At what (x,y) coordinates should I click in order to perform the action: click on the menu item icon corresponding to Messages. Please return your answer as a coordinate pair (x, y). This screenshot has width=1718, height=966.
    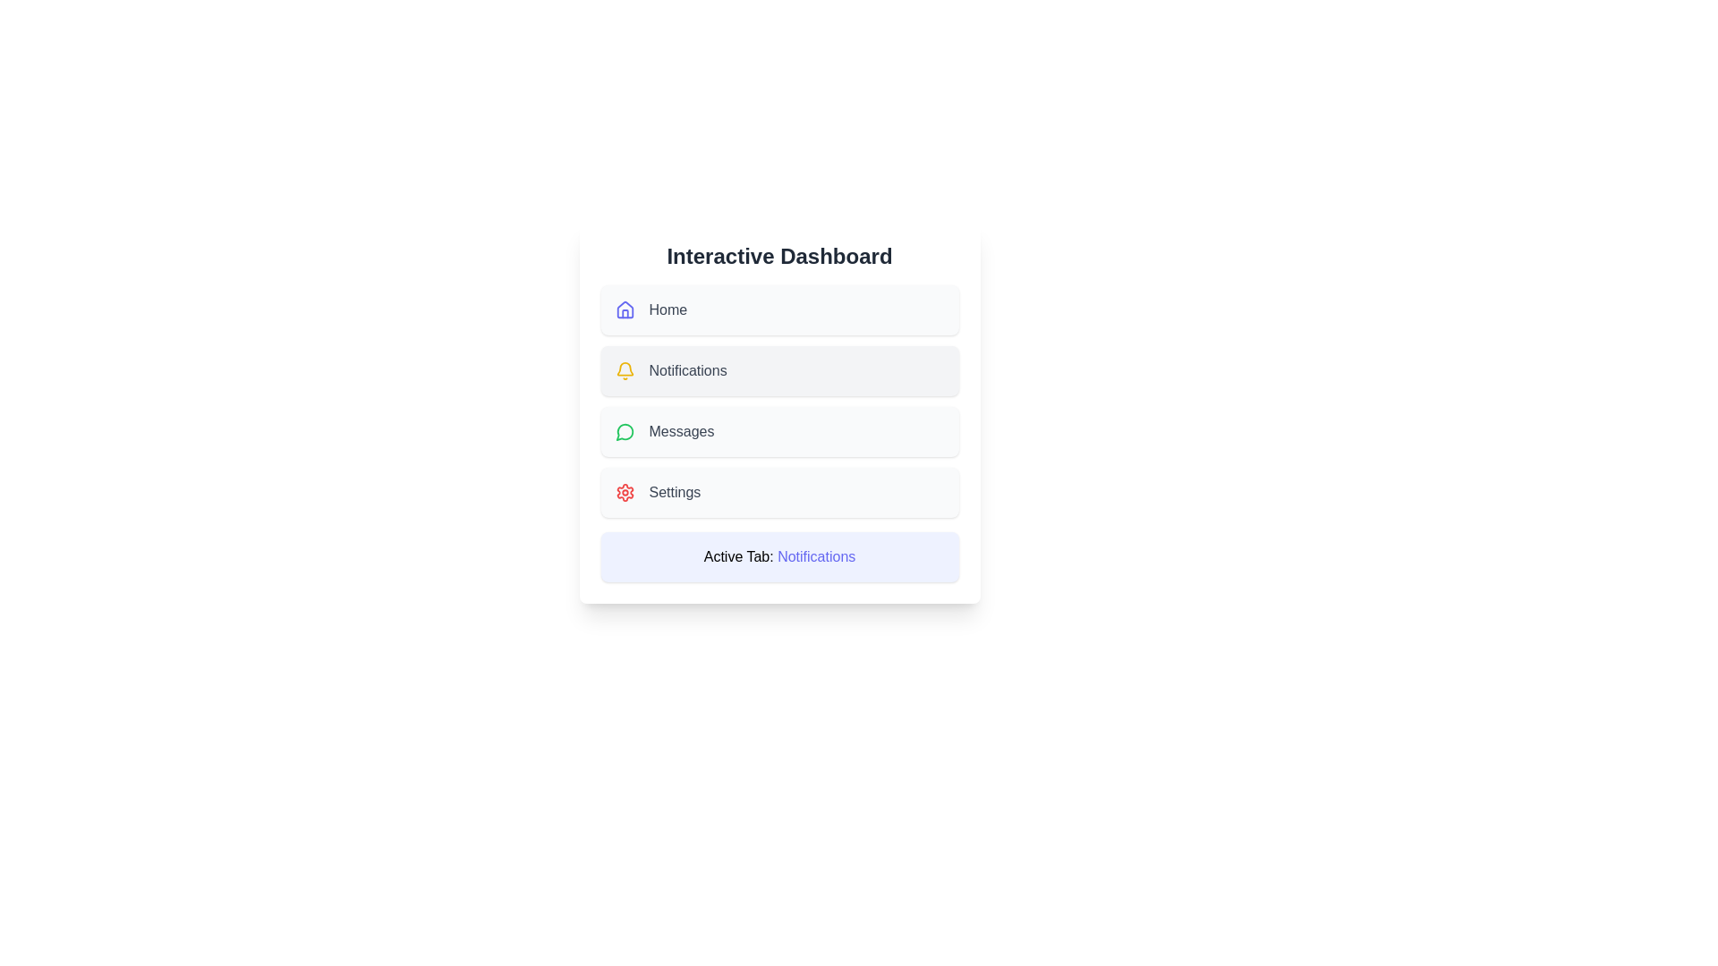
    Looking at the image, I should click on (625, 431).